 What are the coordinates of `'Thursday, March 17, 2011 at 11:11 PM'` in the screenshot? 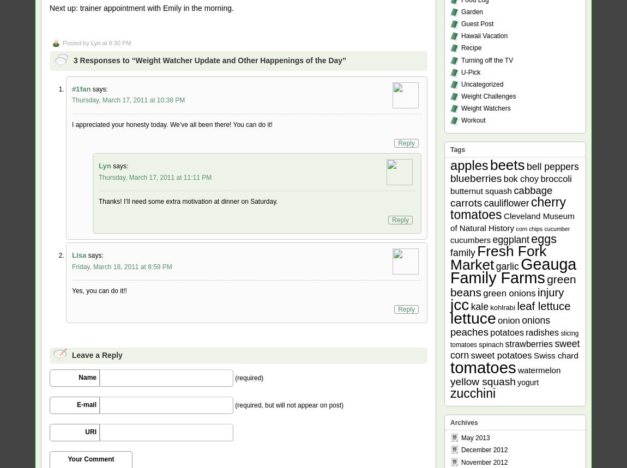 It's located at (154, 177).